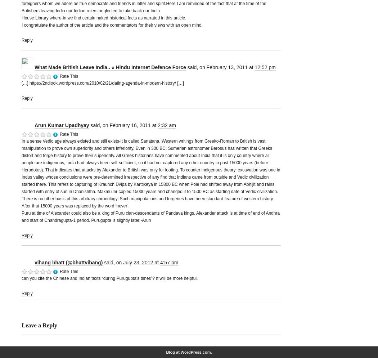 This screenshot has width=378, height=358. I want to click on 'Puru at time of Alexander could also be a king of Puru clan-descendants of Pandava kings. Alexander attack is at time of end of Andhra and start of Chandragupta-1 period. Purugupta is slightly later.-Arun', so click(21, 216).